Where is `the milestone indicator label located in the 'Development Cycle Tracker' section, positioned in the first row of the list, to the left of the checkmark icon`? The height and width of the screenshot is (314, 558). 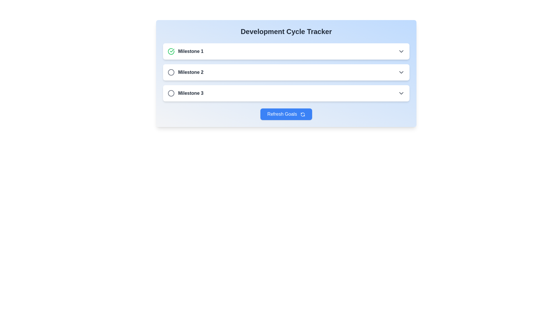
the milestone indicator label located in the 'Development Cycle Tracker' section, positioned in the first row of the list, to the left of the checkmark icon is located at coordinates (185, 51).